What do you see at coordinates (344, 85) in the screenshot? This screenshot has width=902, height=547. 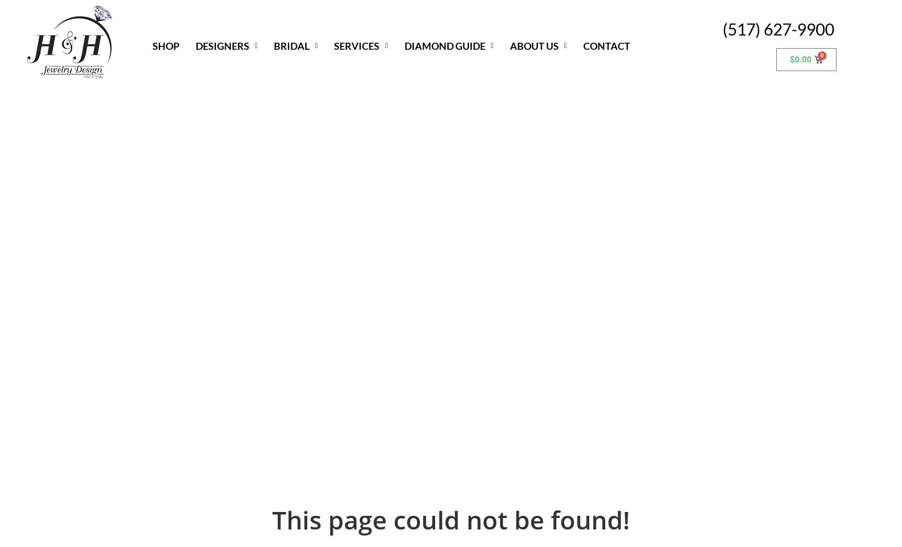 I see `'Custom Jewelry'` at bounding box center [344, 85].